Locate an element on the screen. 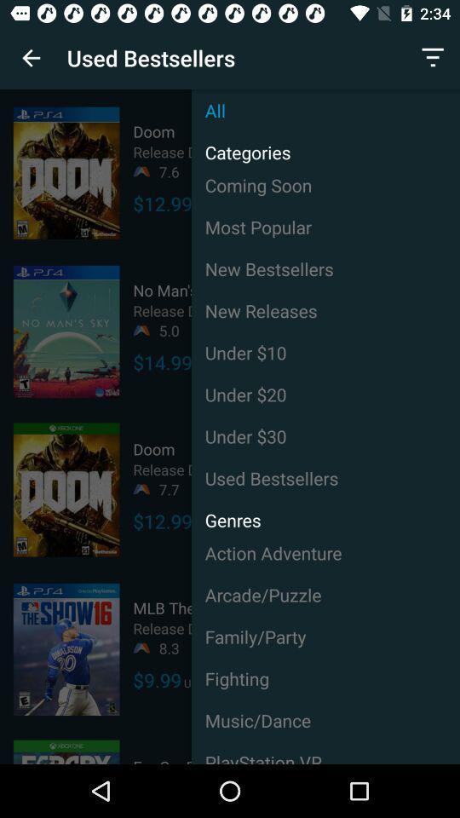 This screenshot has width=460, height=818. the icon next to $14.99 is located at coordinates (325, 352).